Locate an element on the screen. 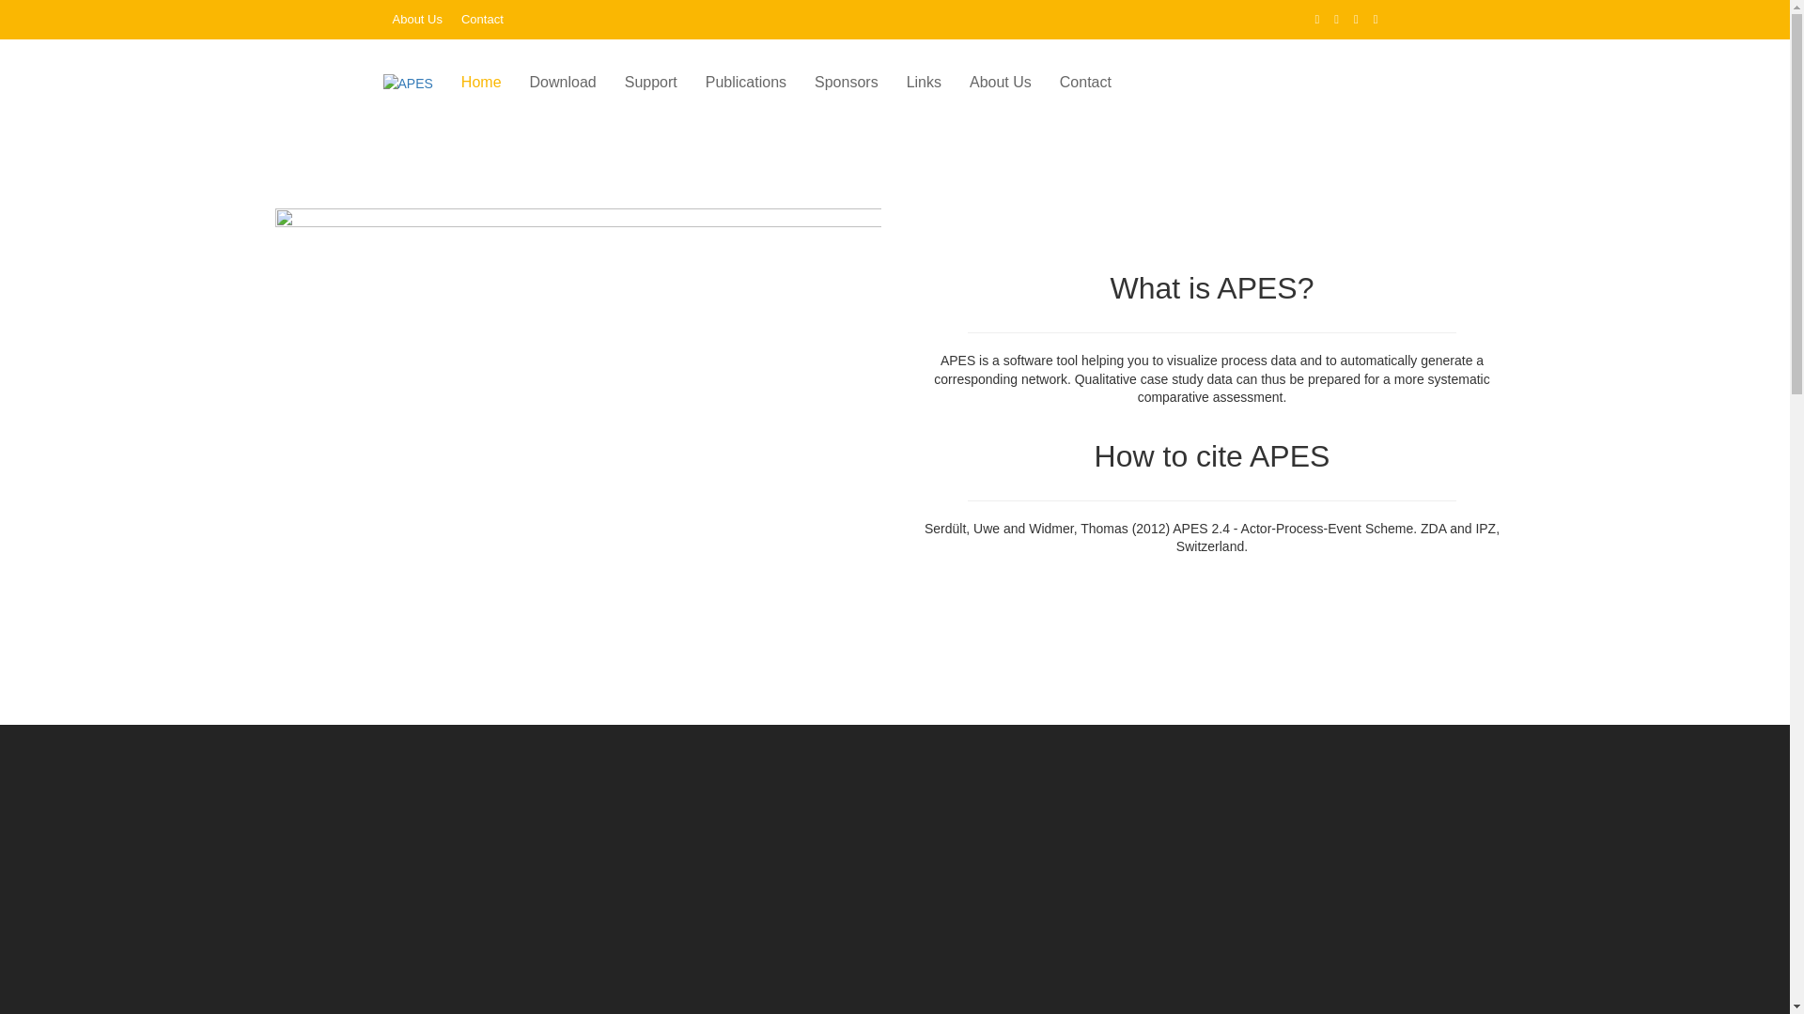  'Sponsors' is located at coordinates (846, 82).